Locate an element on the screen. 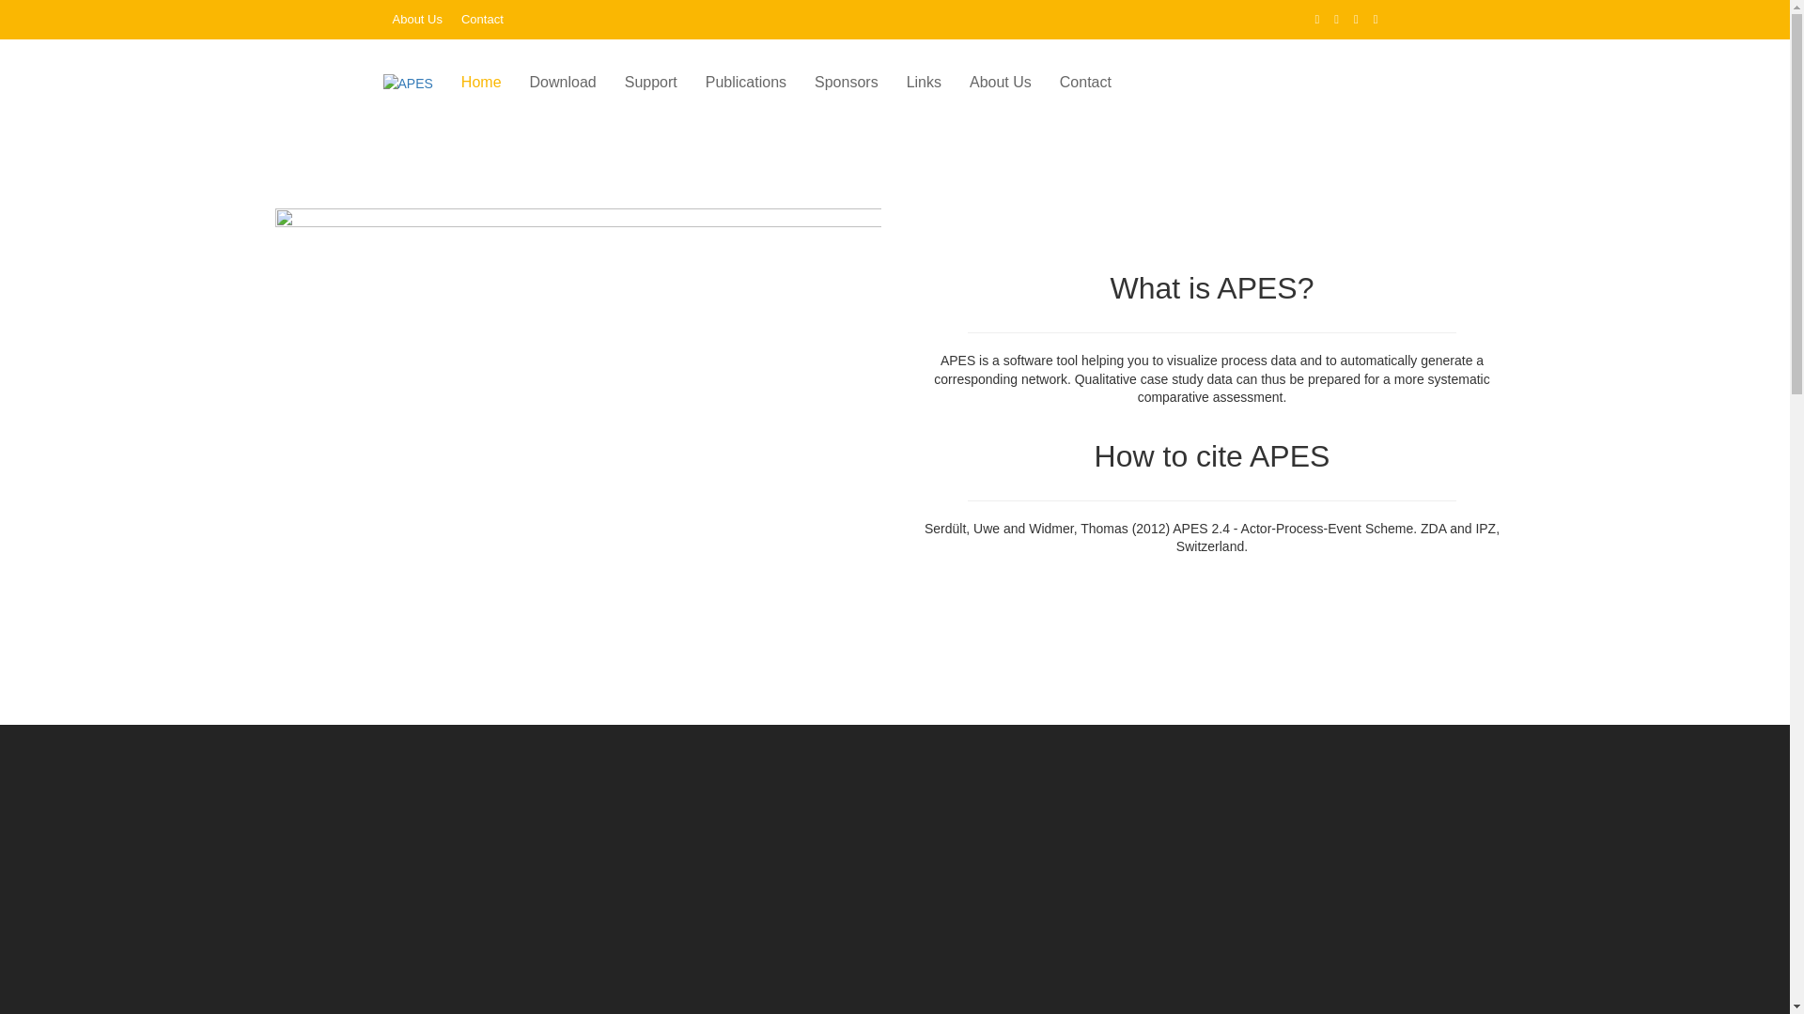  'Sponsors' is located at coordinates (846, 82).